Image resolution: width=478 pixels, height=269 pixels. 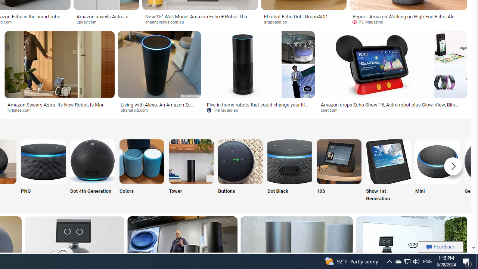 I want to click on 'Amazon Echo Tower', so click(x=191, y=161).